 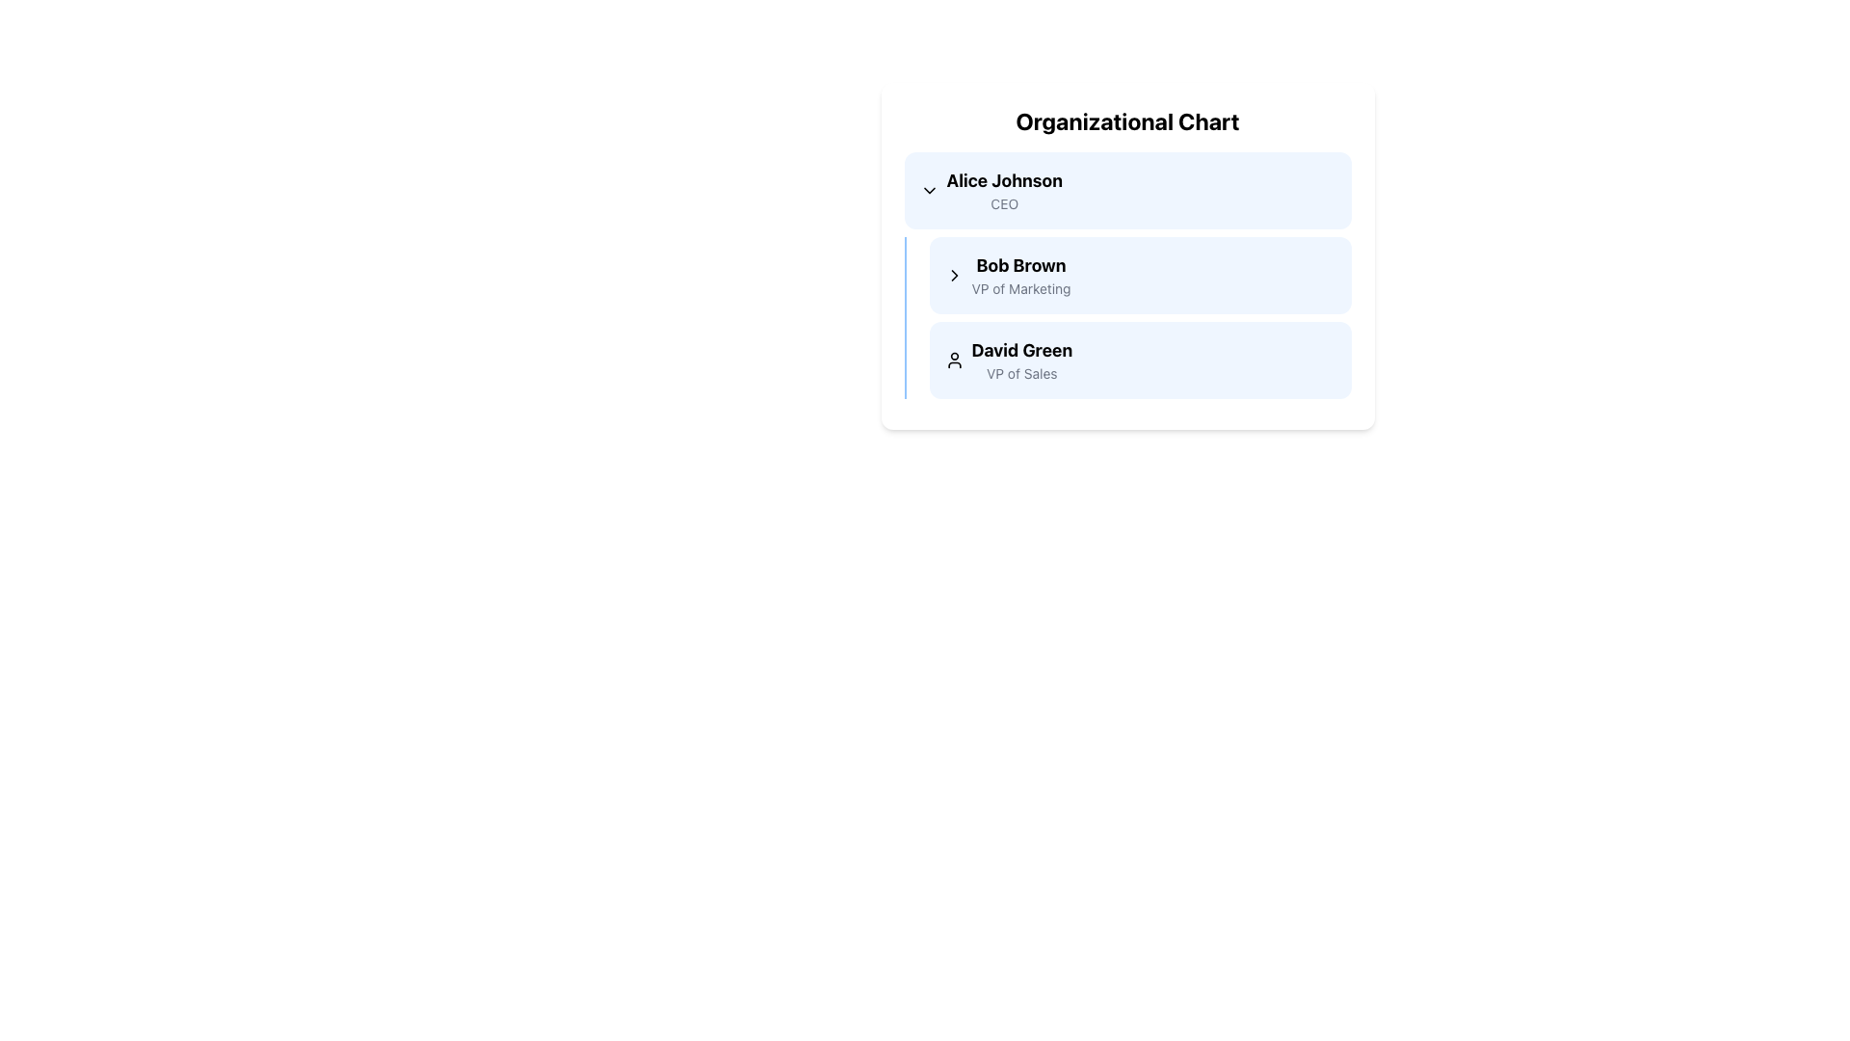 I want to click on the user profile icon representing 'David Green' in the organizational chart, located to the left of the name, so click(x=954, y=360).